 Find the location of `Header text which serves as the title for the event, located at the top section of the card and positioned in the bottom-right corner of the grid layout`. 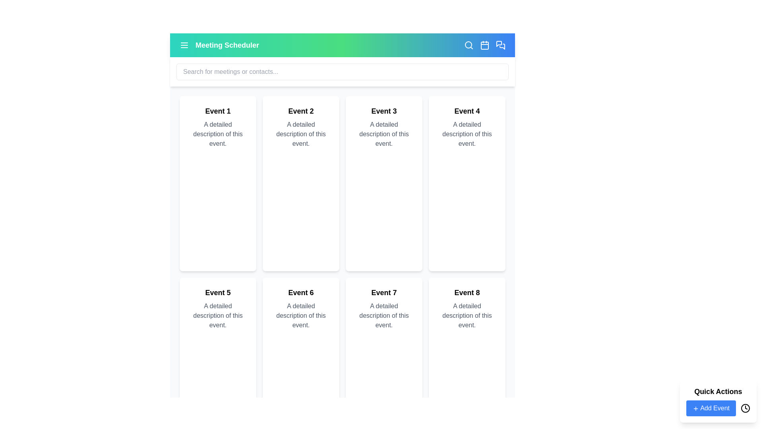

Header text which serves as the title for the event, located at the top section of the card and positioned in the bottom-right corner of the grid layout is located at coordinates (467, 292).